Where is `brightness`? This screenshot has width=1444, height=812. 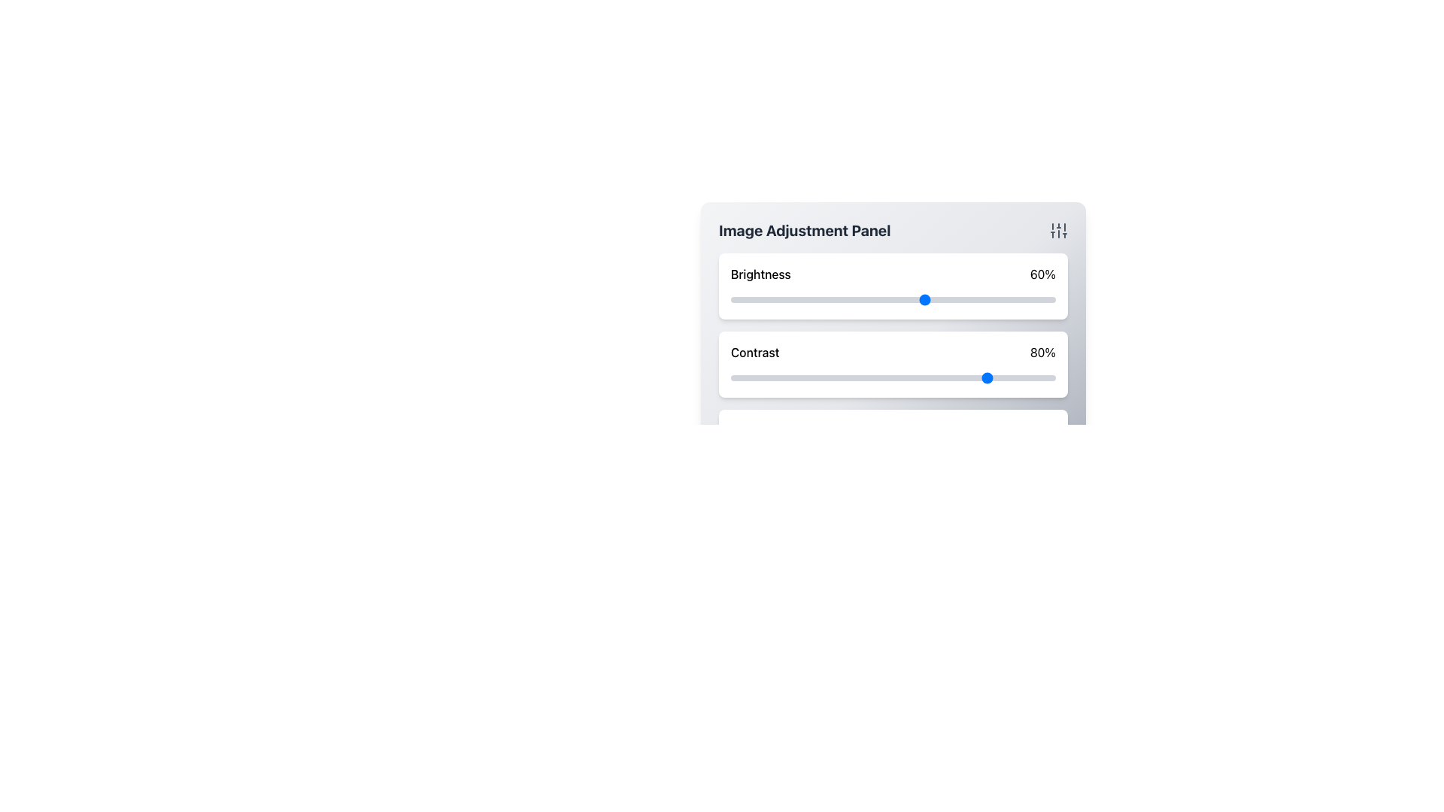
brightness is located at coordinates (968, 299).